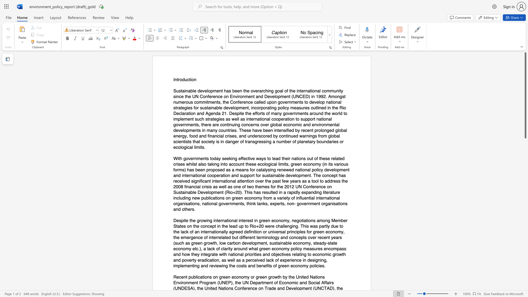  What do you see at coordinates (525, 209) in the screenshot?
I see `the scrollbar to move the content lower` at bounding box center [525, 209].